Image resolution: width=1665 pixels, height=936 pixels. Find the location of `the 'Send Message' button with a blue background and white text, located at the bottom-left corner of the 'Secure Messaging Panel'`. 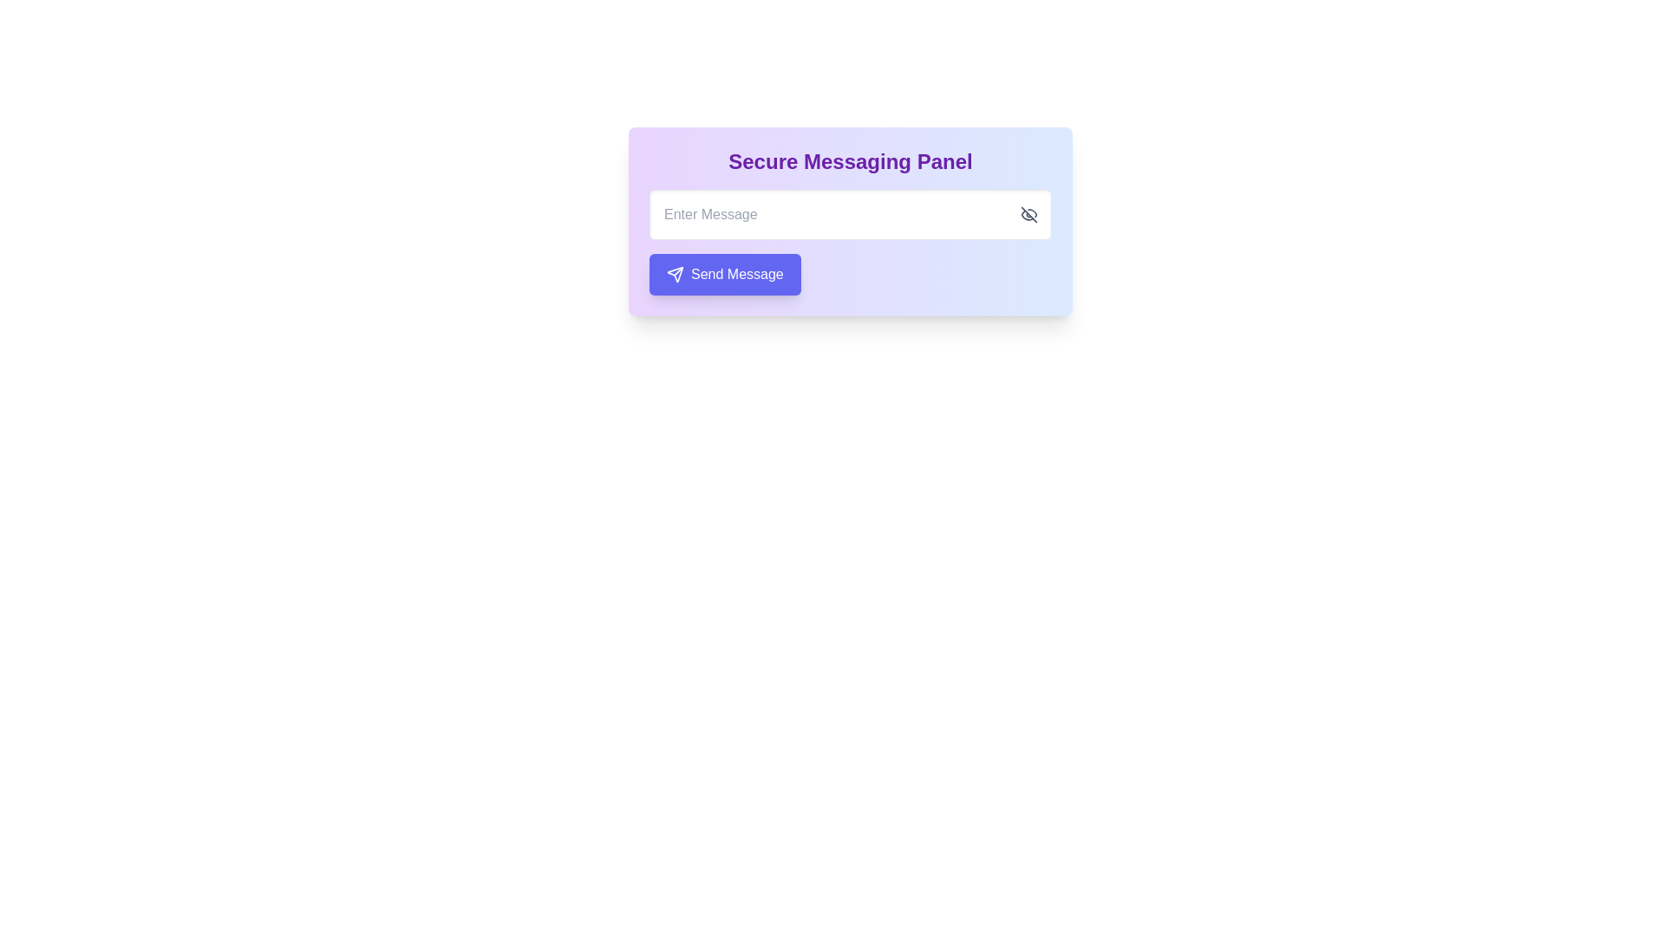

the 'Send Message' button with a blue background and white text, located at the bottom-left corner of the 'Secure Messaging Panel' is located at coordinates (725, 273).